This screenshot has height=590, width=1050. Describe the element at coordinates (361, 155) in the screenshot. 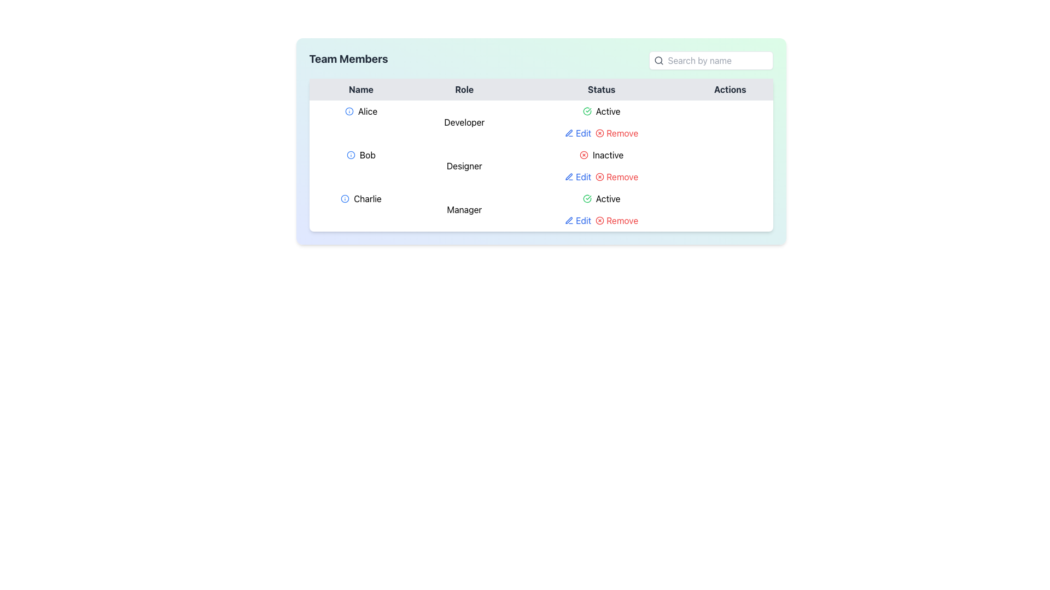

I see `the icon associated with the text label 'Bob' in the 'Team Members' table for additional information` at that location.